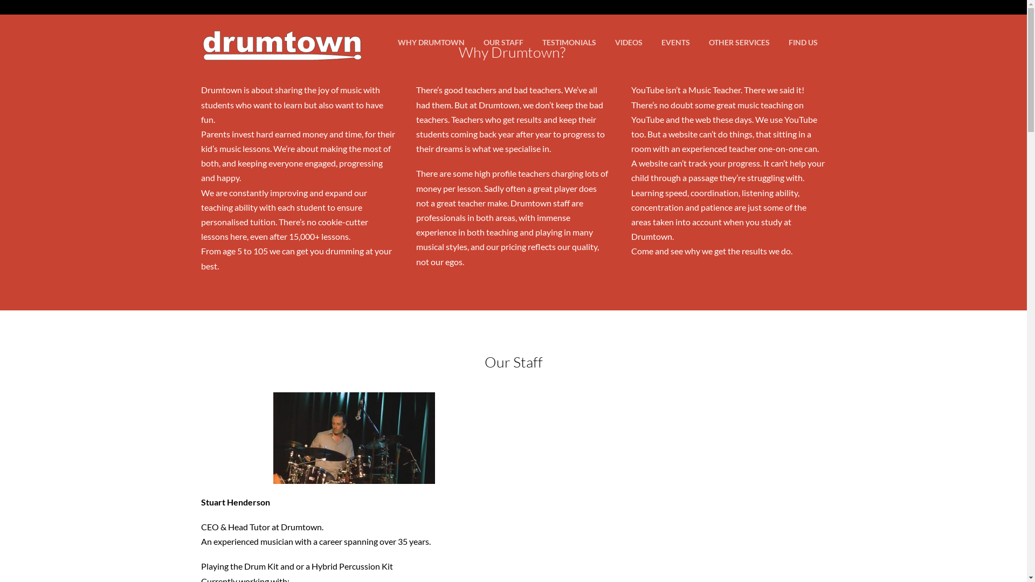 Image resolution: width=1035 pixels, height=582 pixels. I want to click on 'EVENTS', so click(674, 42).